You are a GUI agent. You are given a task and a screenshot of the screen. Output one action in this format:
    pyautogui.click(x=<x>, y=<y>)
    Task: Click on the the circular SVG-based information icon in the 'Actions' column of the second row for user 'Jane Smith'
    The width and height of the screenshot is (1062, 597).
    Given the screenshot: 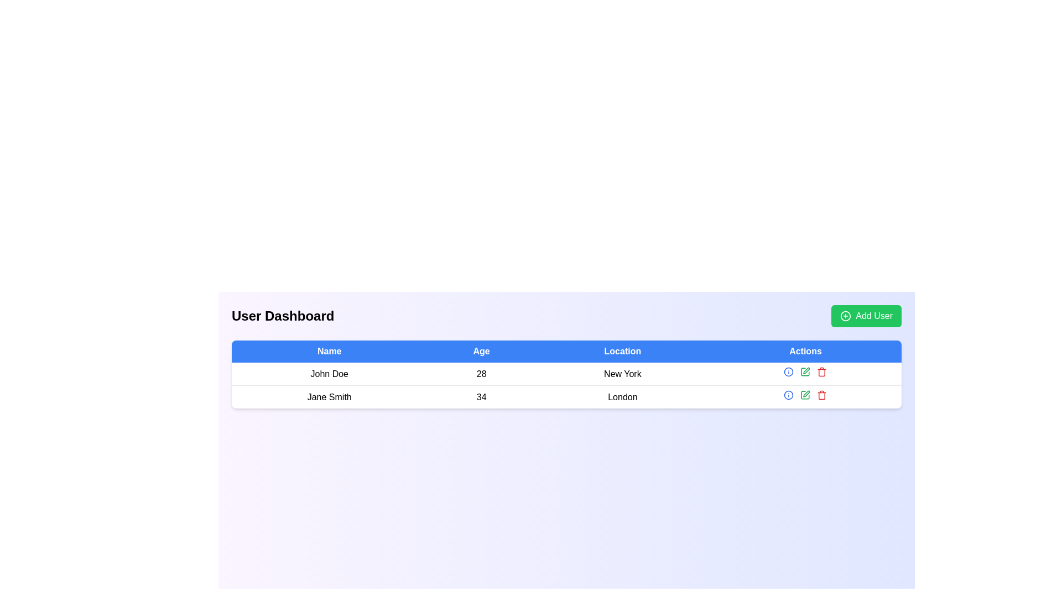 What is the action you would take?
    pyautogui.click(x=788, y=371)
    